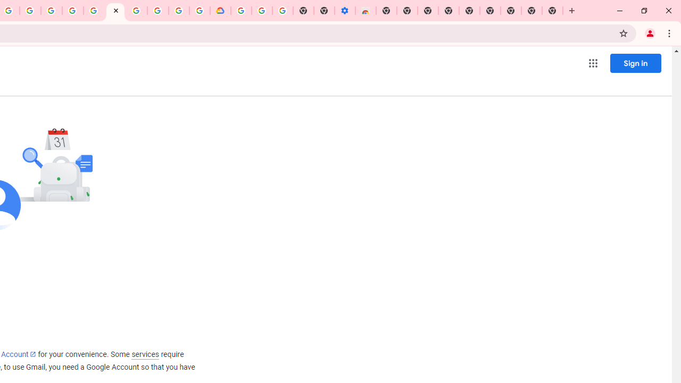  I want to click on 'New Tab', so click(552, 11).